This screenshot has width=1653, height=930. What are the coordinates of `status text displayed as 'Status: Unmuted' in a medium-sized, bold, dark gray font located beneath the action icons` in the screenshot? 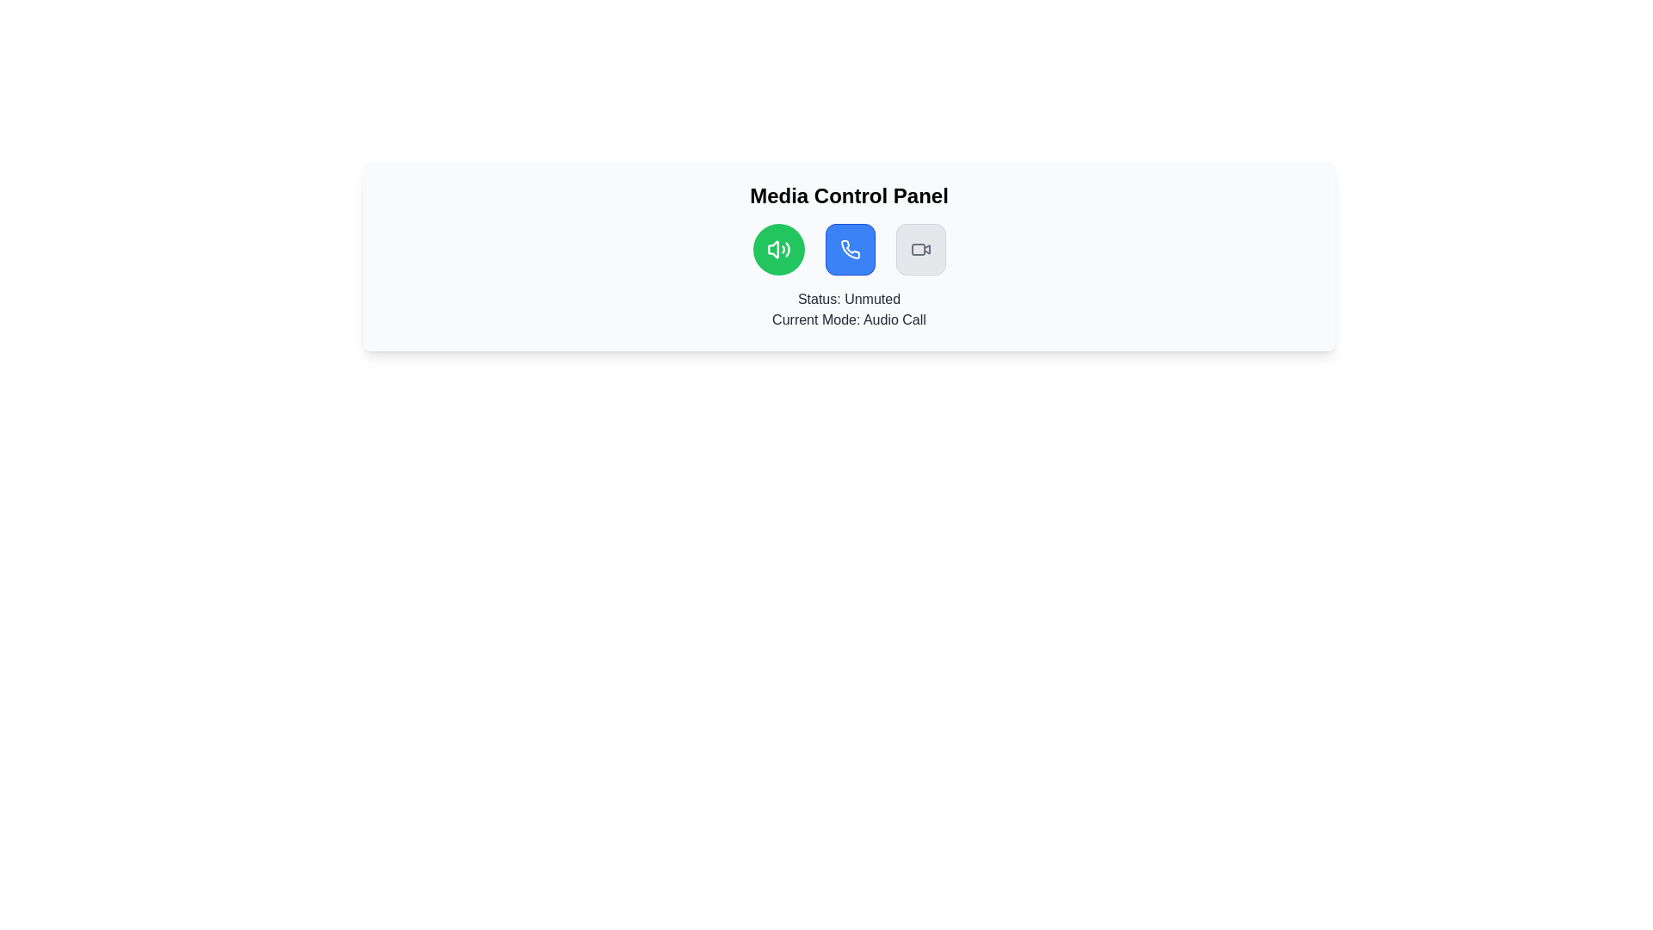 It's located at (849, 298).